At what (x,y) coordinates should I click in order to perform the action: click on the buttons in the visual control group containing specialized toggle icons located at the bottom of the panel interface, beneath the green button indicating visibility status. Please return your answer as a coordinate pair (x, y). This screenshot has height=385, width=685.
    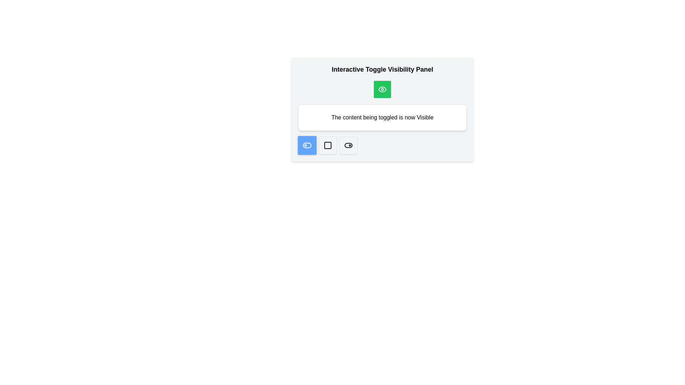
    Looking at the image, I should click on (382, 145).